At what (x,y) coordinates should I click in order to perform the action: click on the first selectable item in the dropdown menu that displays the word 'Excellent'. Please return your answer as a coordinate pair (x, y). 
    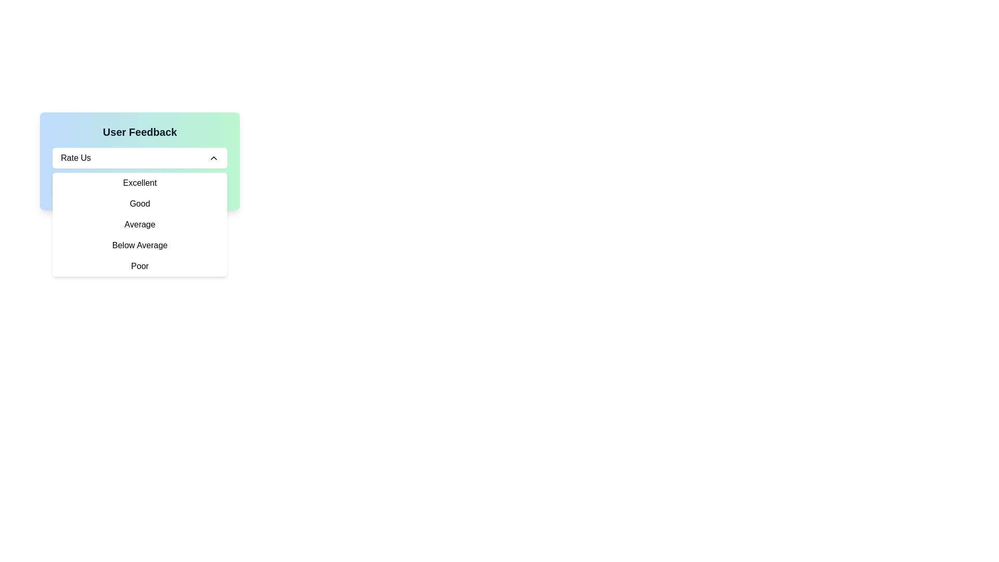
    Looking at the image, I should click on (139, 182).